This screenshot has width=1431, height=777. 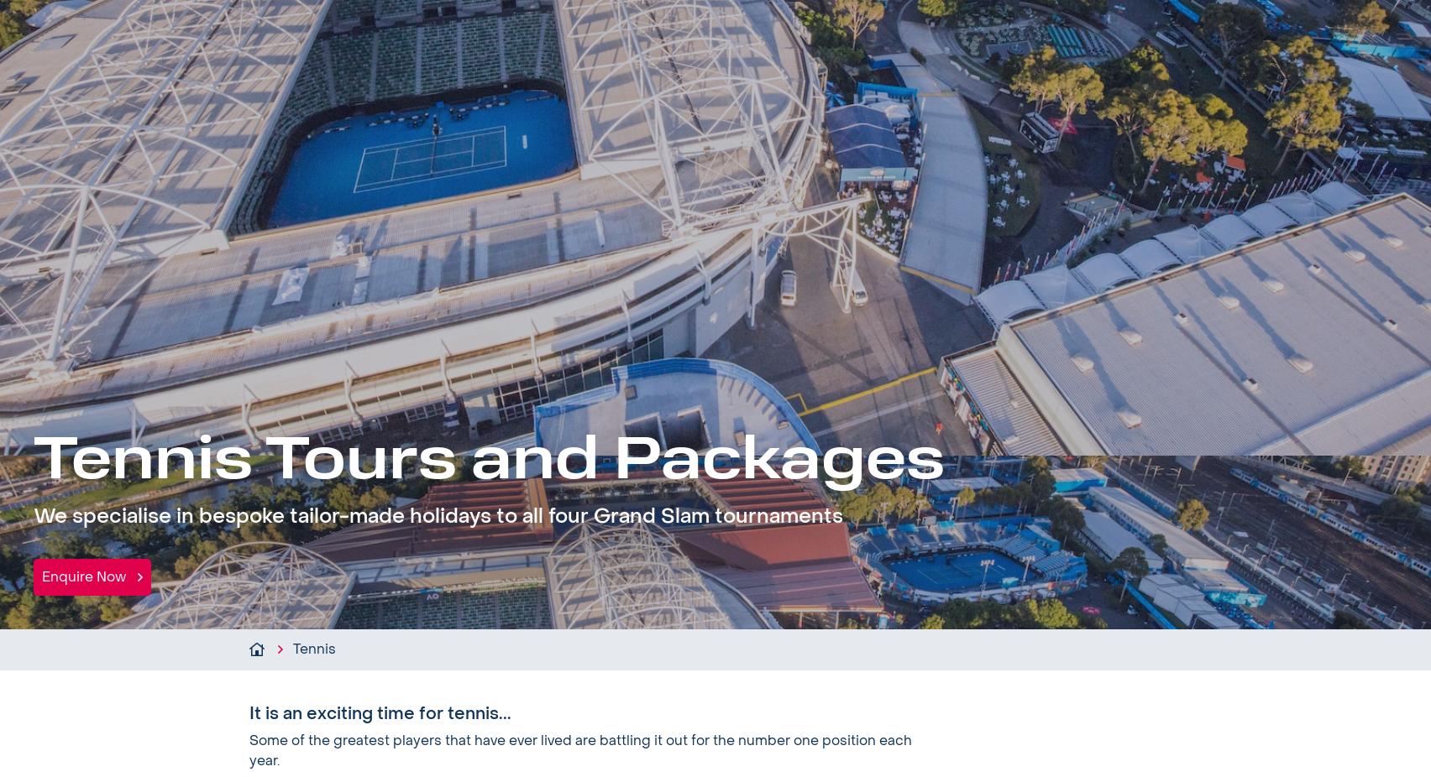 What do you see at coordinates (829, 691) in the screenshot?
I see `'Surname'` at bounding box center [829, 691].